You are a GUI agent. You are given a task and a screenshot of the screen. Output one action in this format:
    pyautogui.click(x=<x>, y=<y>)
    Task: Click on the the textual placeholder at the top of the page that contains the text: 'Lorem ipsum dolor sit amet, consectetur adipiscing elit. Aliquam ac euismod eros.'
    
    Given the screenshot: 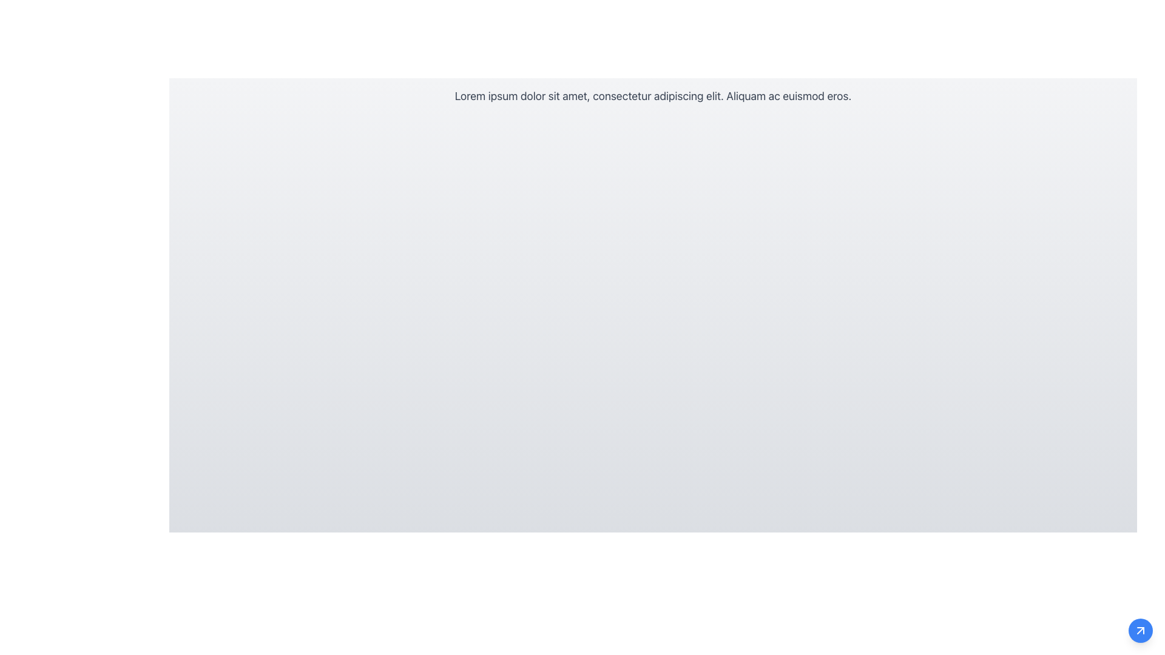 What is the action you would take?
    pyautogui.click(x=652, y=95)
    